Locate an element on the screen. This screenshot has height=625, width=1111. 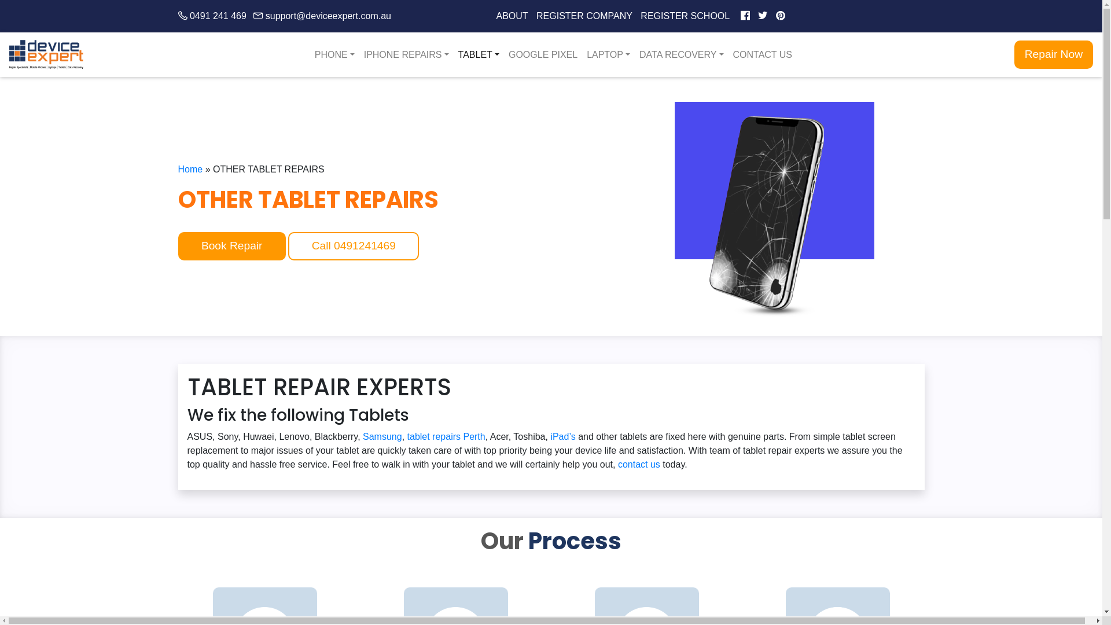
'ABOUT' is located at coordinates (512, 16).